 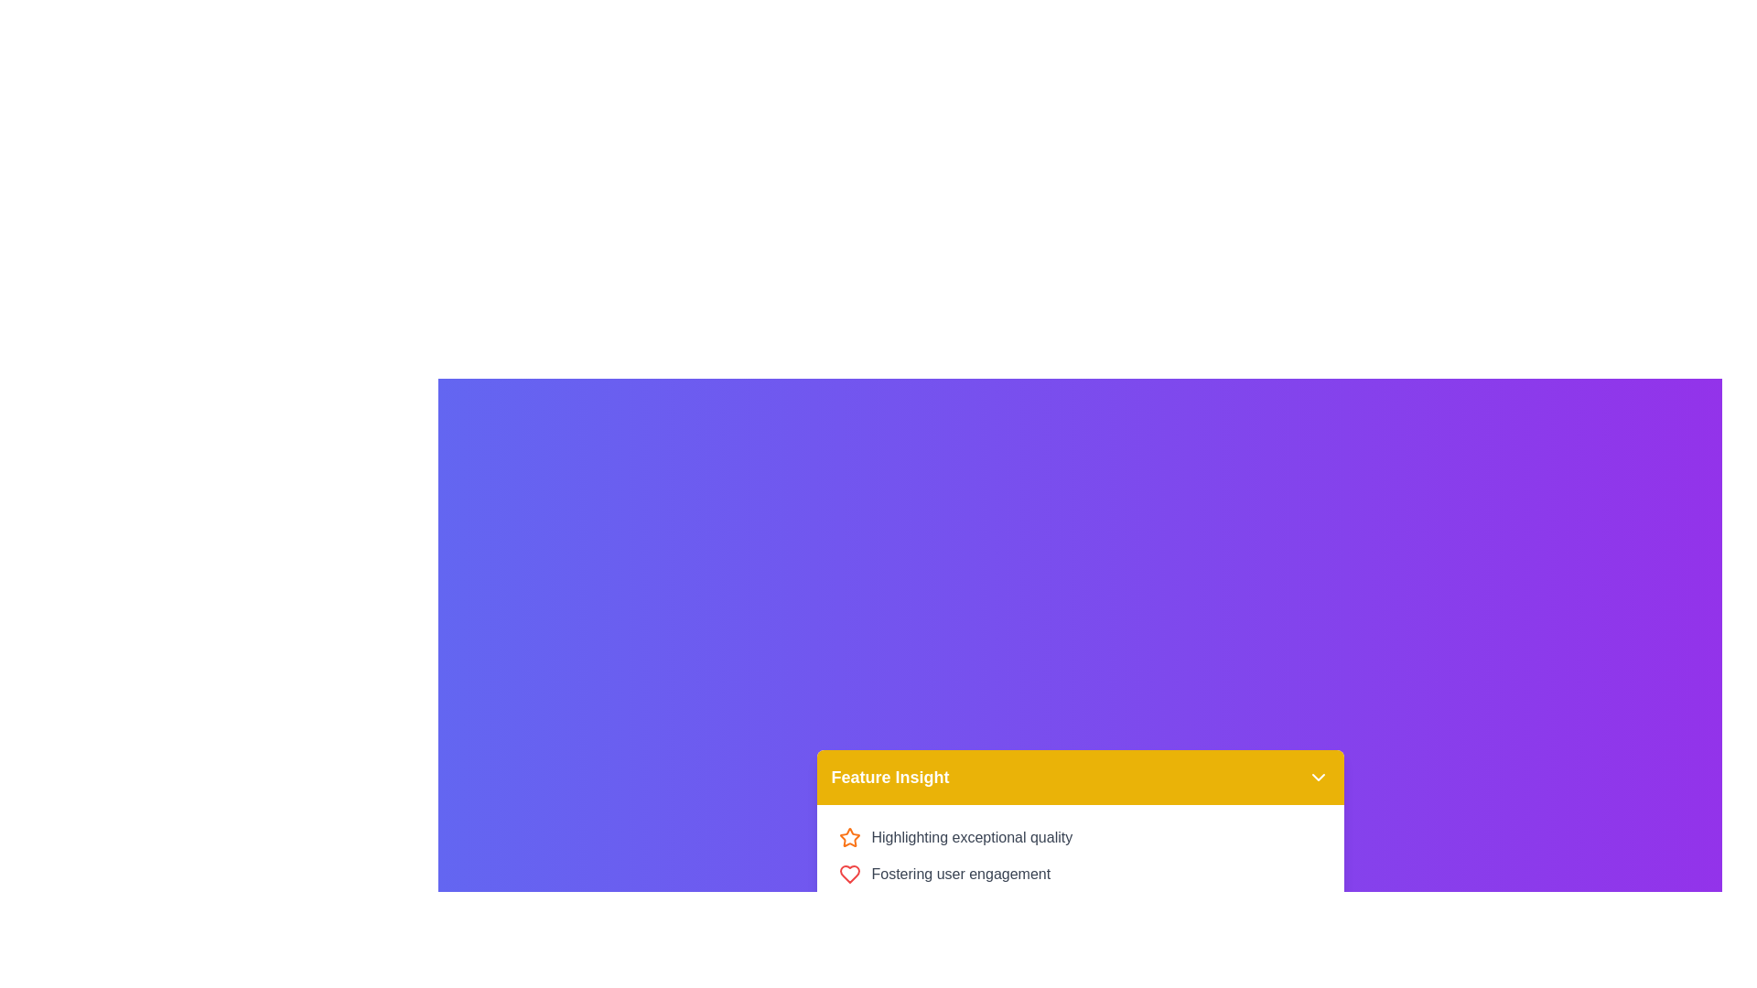 I want to click on the heart-shaped icon that represents liking or favoriting, positioned before the text 'Fostering user engagement' in the bottom section of the interface near the 'Feature Insight' label, so click(x=848, y=874).